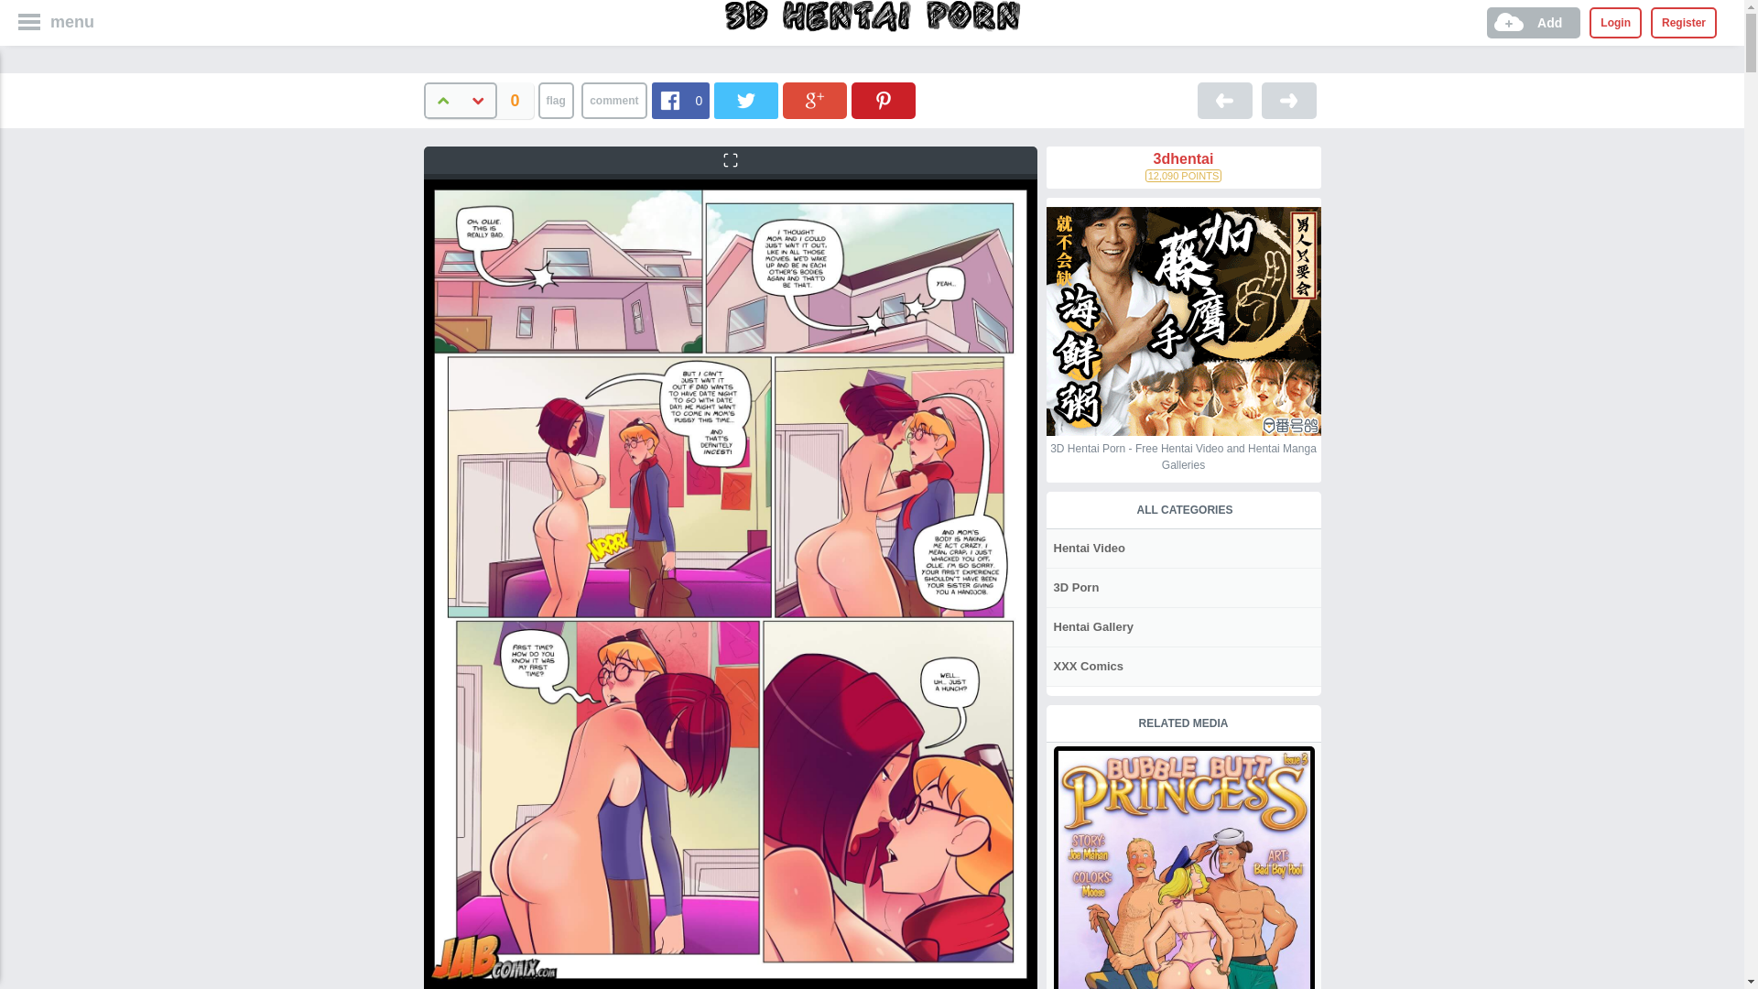  Describe the element at coordinates (851, 101) in the screenshot. I see `'Pin It'` at that location.